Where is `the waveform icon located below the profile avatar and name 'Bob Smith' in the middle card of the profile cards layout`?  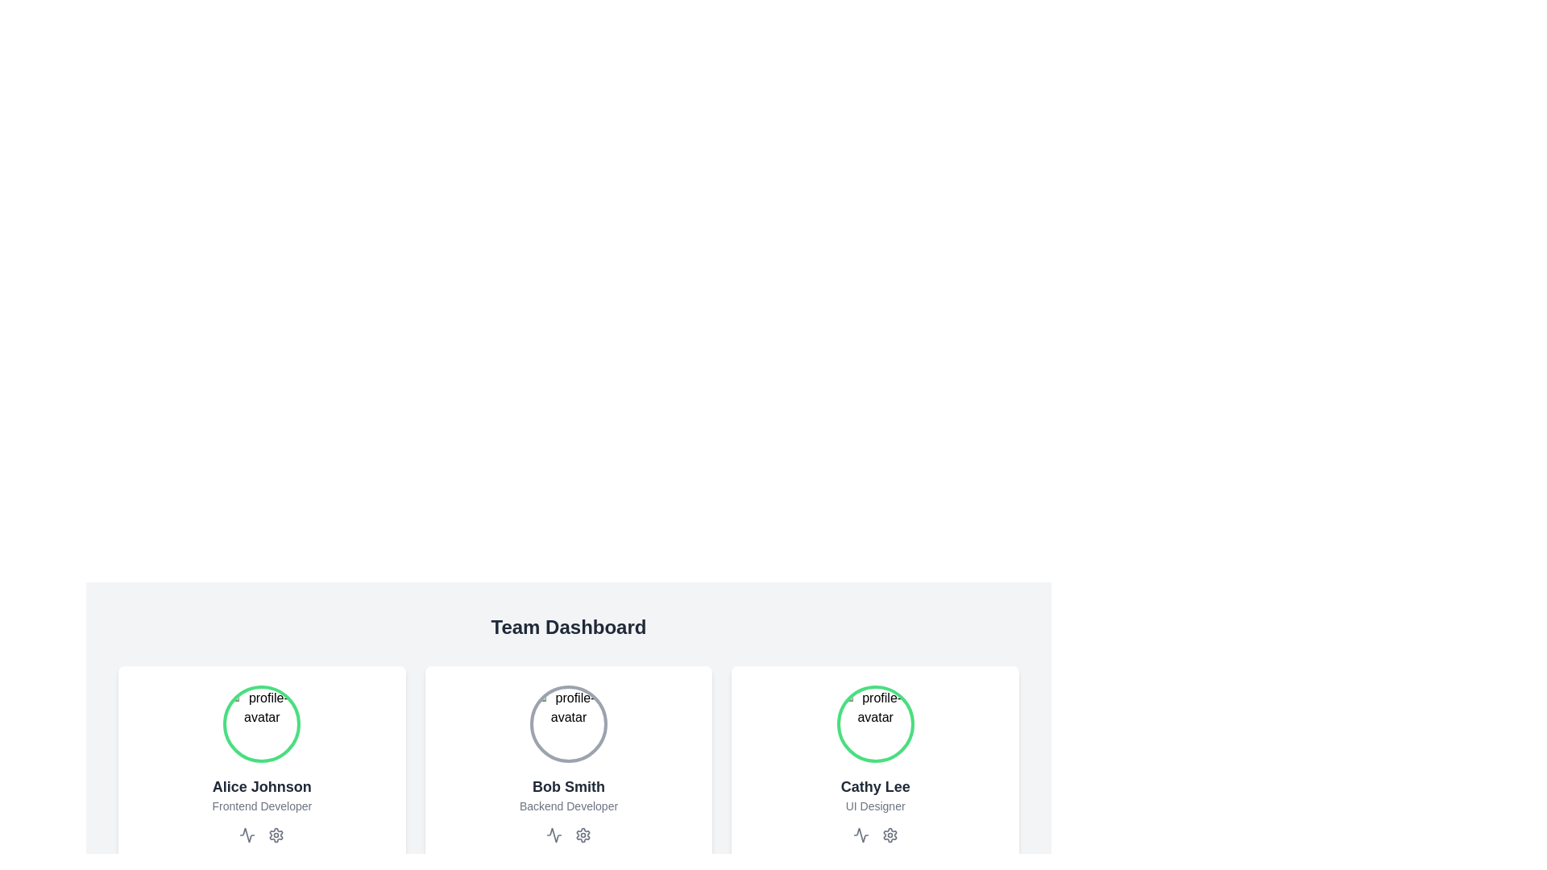 the waveform icon located below the profile avatar and name 'Bob Smith' in the middle card of the profile cards layout is located at coordinates (554, 835).